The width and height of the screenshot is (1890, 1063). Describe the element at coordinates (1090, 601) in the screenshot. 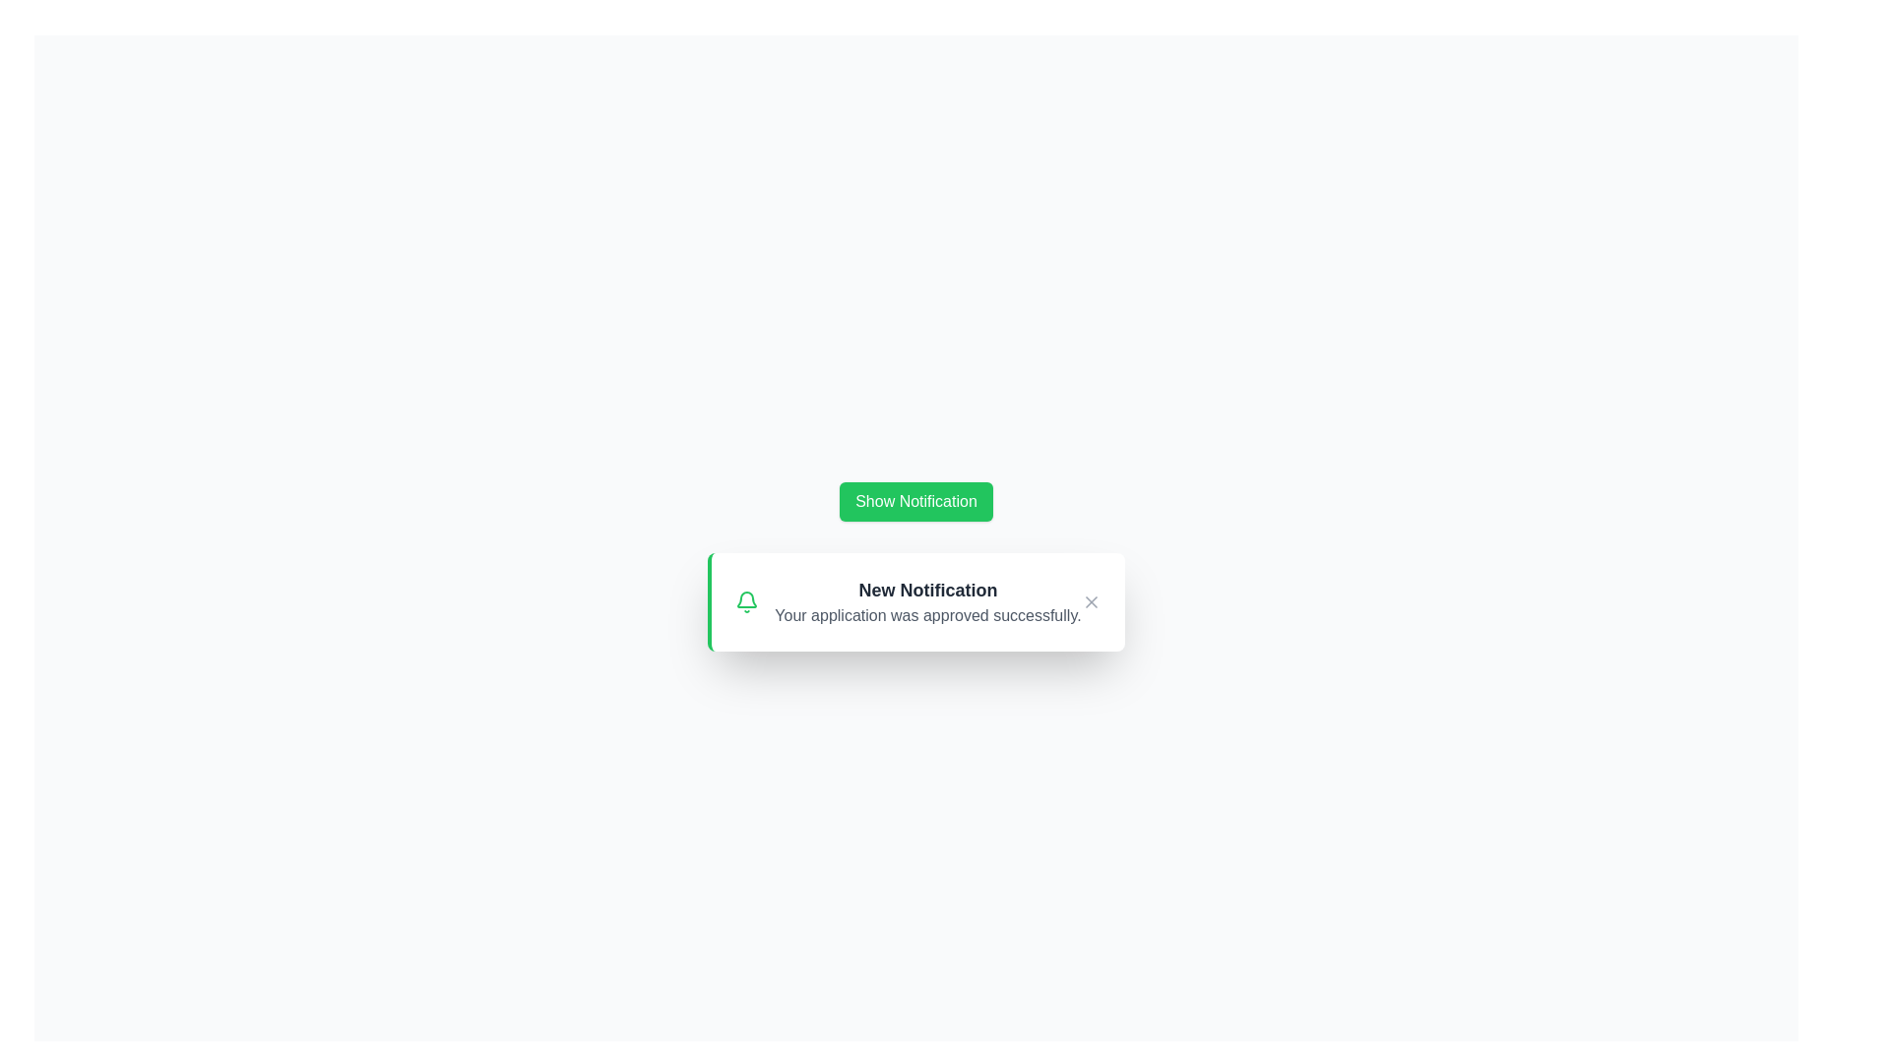

I see `the close button icon located at the top-right corner of the notification card that displays 'New Notification' and 'Your application was approved successfully.'` at that location.